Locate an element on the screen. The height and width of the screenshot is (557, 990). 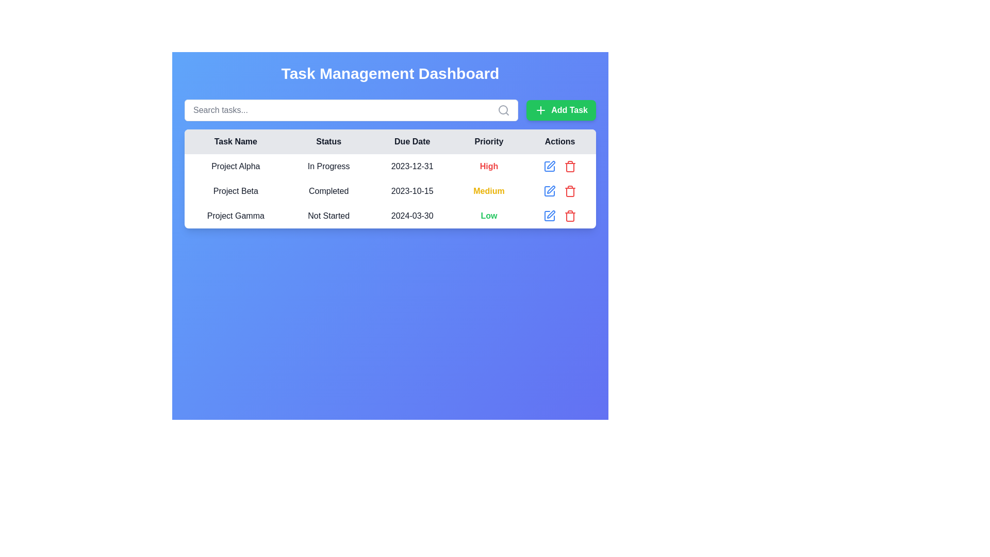
the 'Due Date' text label displaying the due date for 'Project Gamma' in the third column of the bottom-most row in the table is located at coordinates (411, 216).